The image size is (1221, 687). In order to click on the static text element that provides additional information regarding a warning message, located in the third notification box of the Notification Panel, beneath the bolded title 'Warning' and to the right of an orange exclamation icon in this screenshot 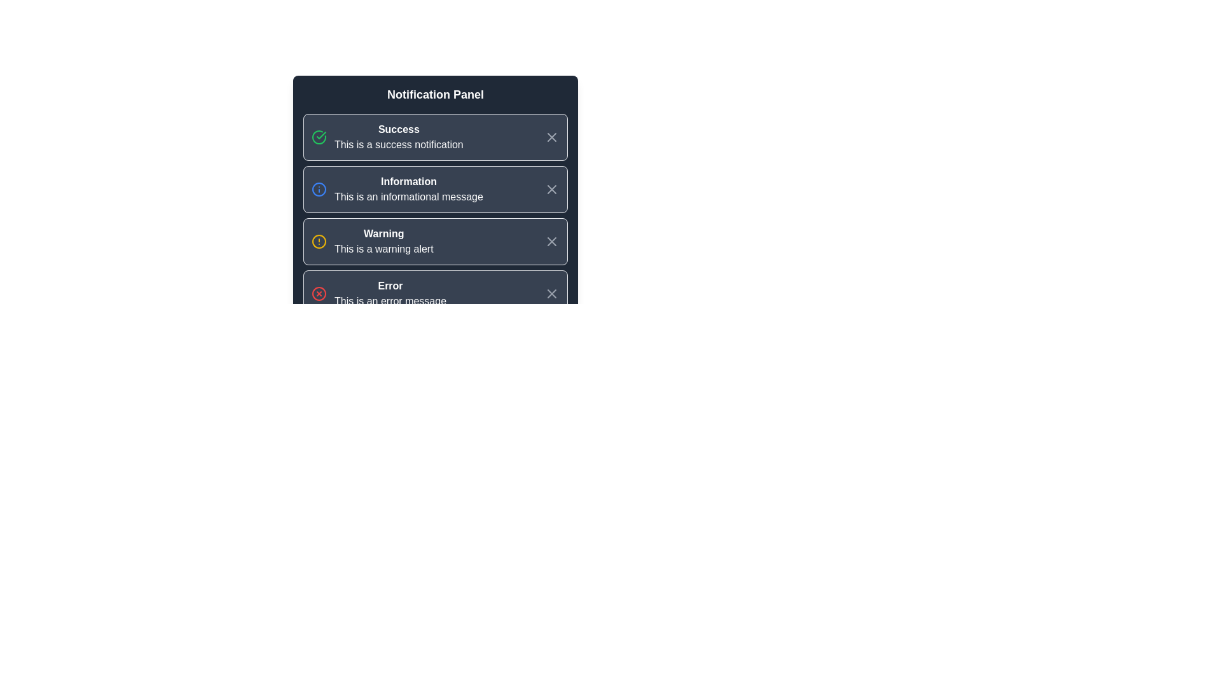, I will do `click(383, 249)`.